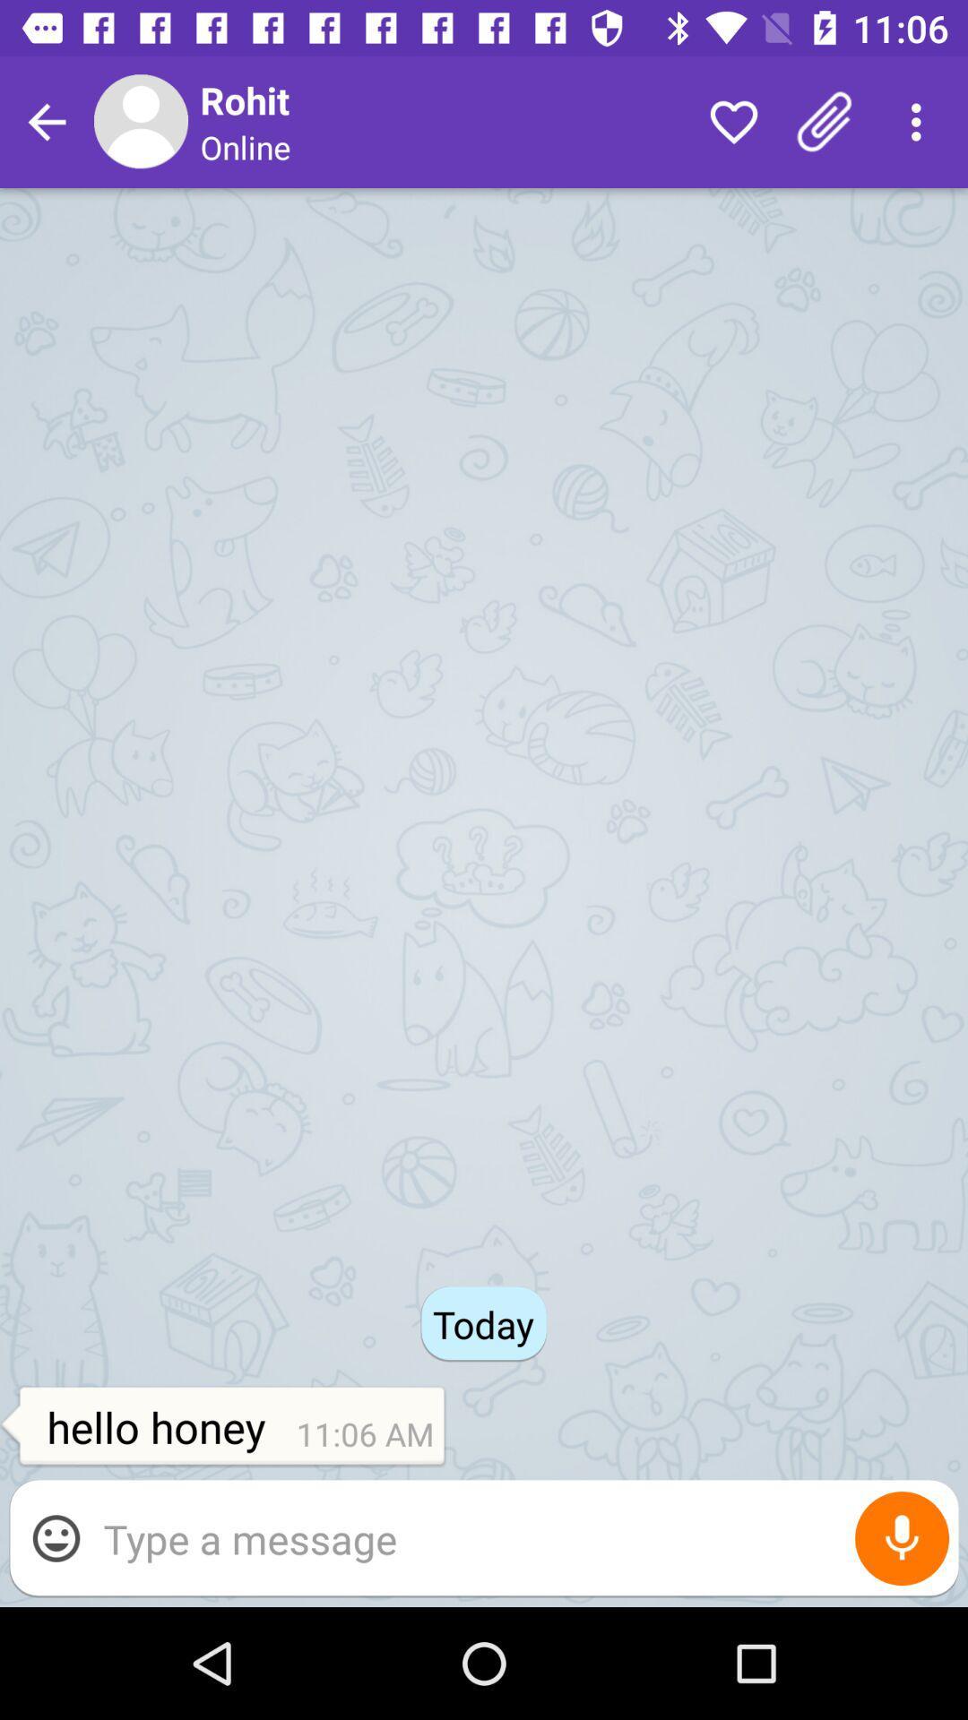 The width and height of the screenshot is (968, 1720). Describe the element at coordinates (46, 121) in the screenshot. I see `return to previous` at that location.